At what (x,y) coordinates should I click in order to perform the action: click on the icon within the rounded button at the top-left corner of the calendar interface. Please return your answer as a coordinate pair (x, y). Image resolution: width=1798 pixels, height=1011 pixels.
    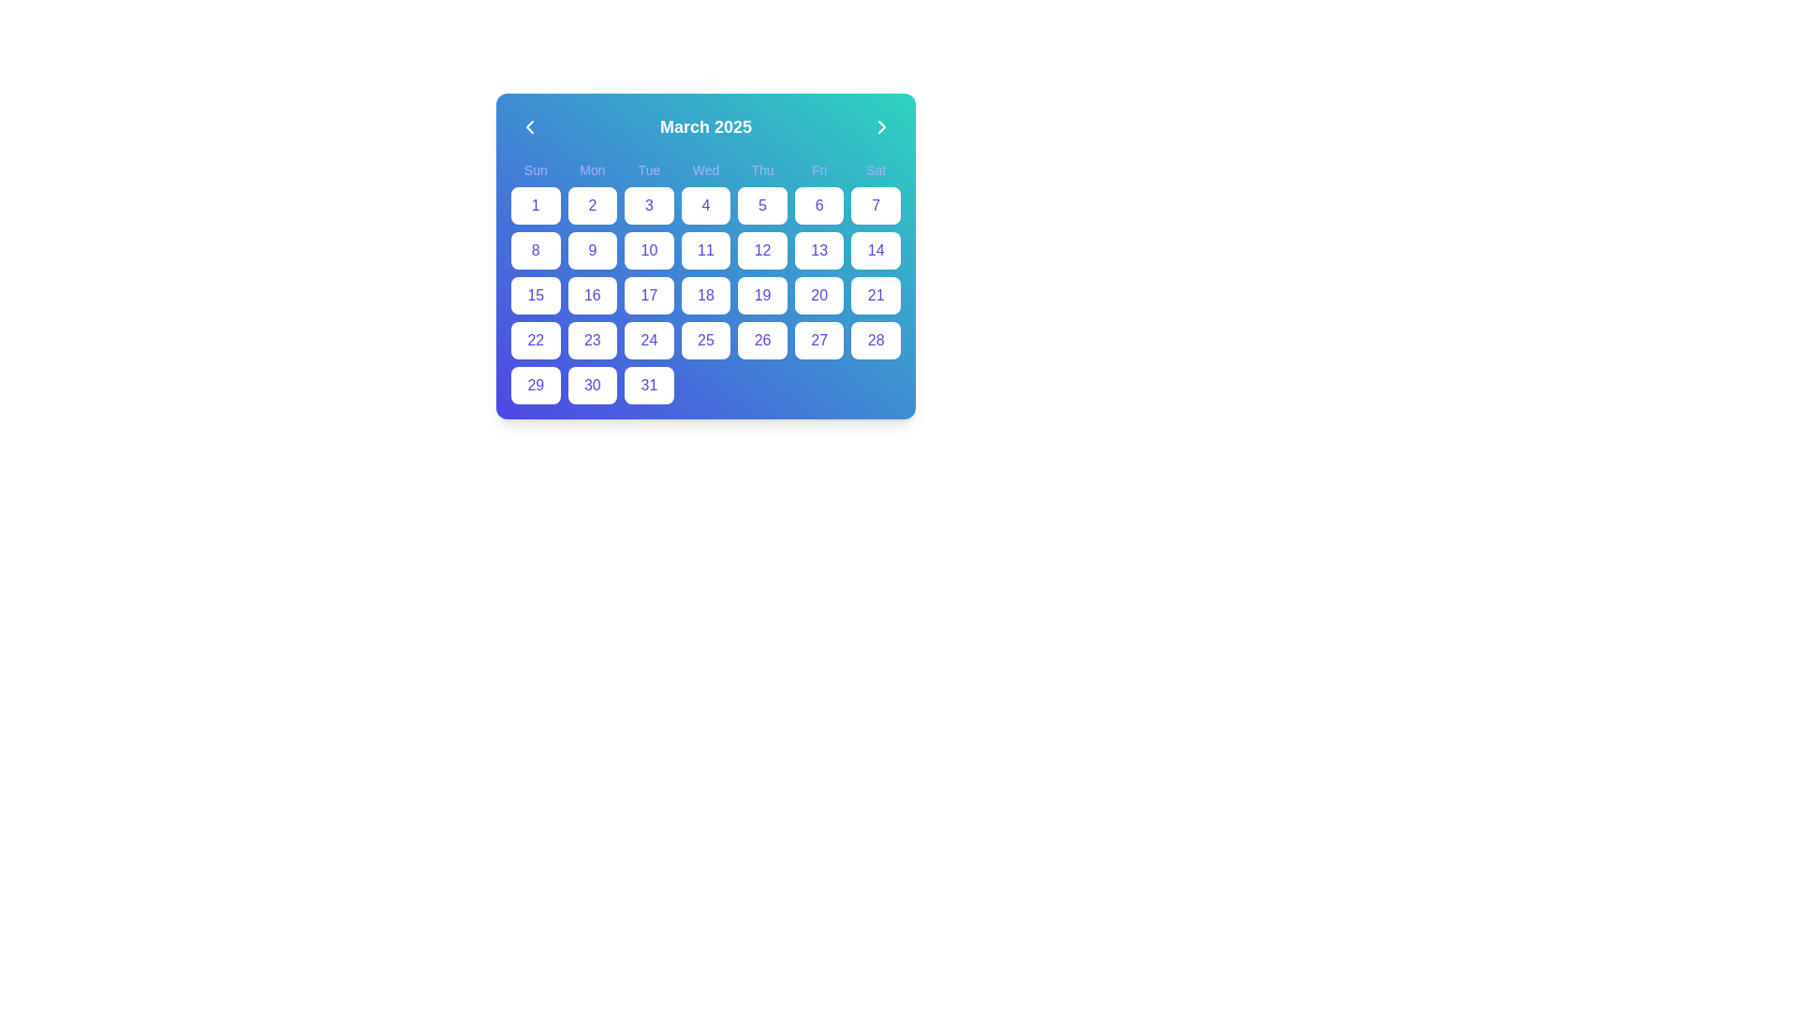
    Looking at the image, I should click on (529, 126).